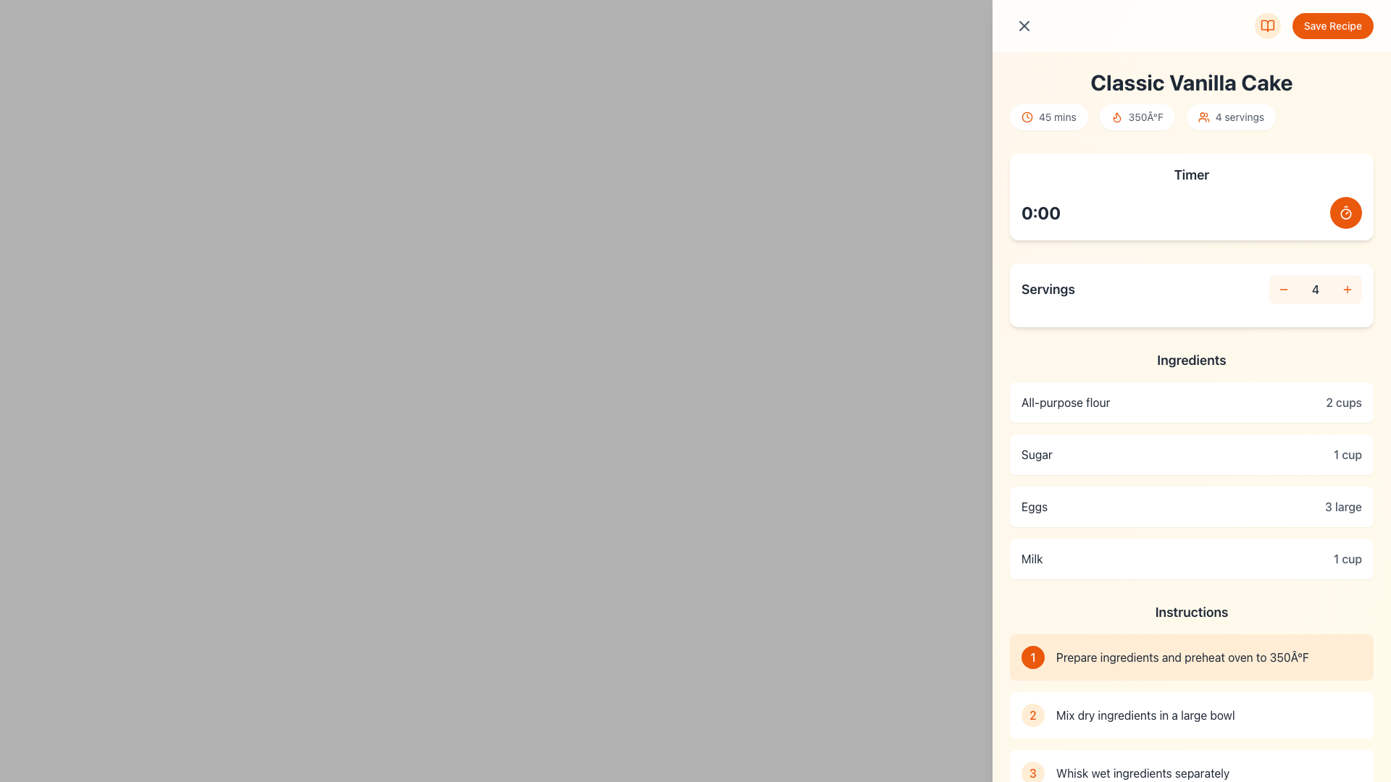 This screenshot has height=782, width=1391. Describe the element at coordinates (1036, 454) in the screenshot. I see `text content of the label displaying 'Sugar', which is styled in dark gray and located in the ingredients section under 'All-purpose flour'` at that location.